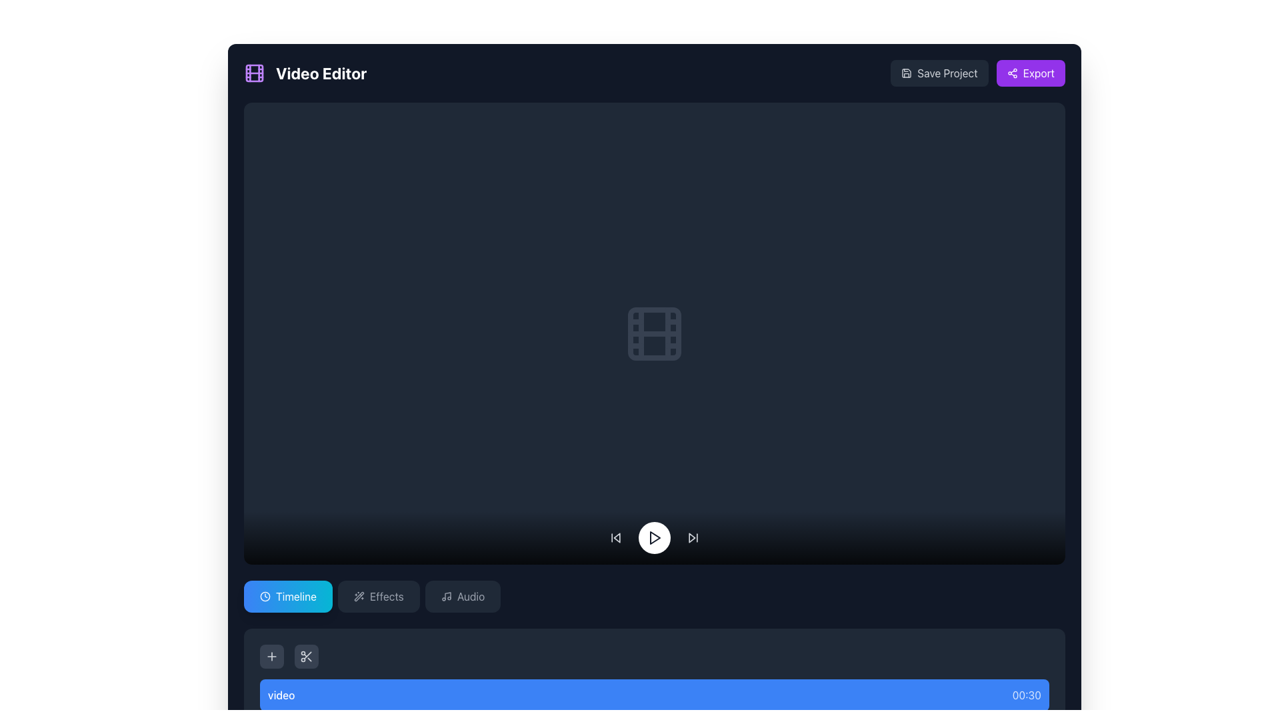 This screenshot has width=1280, height=720. Describe the element at coordinates (907, 73) in the screenshot. I see `the save icon located within the 'Save Project' button at the top-right section of the interface` at that location.